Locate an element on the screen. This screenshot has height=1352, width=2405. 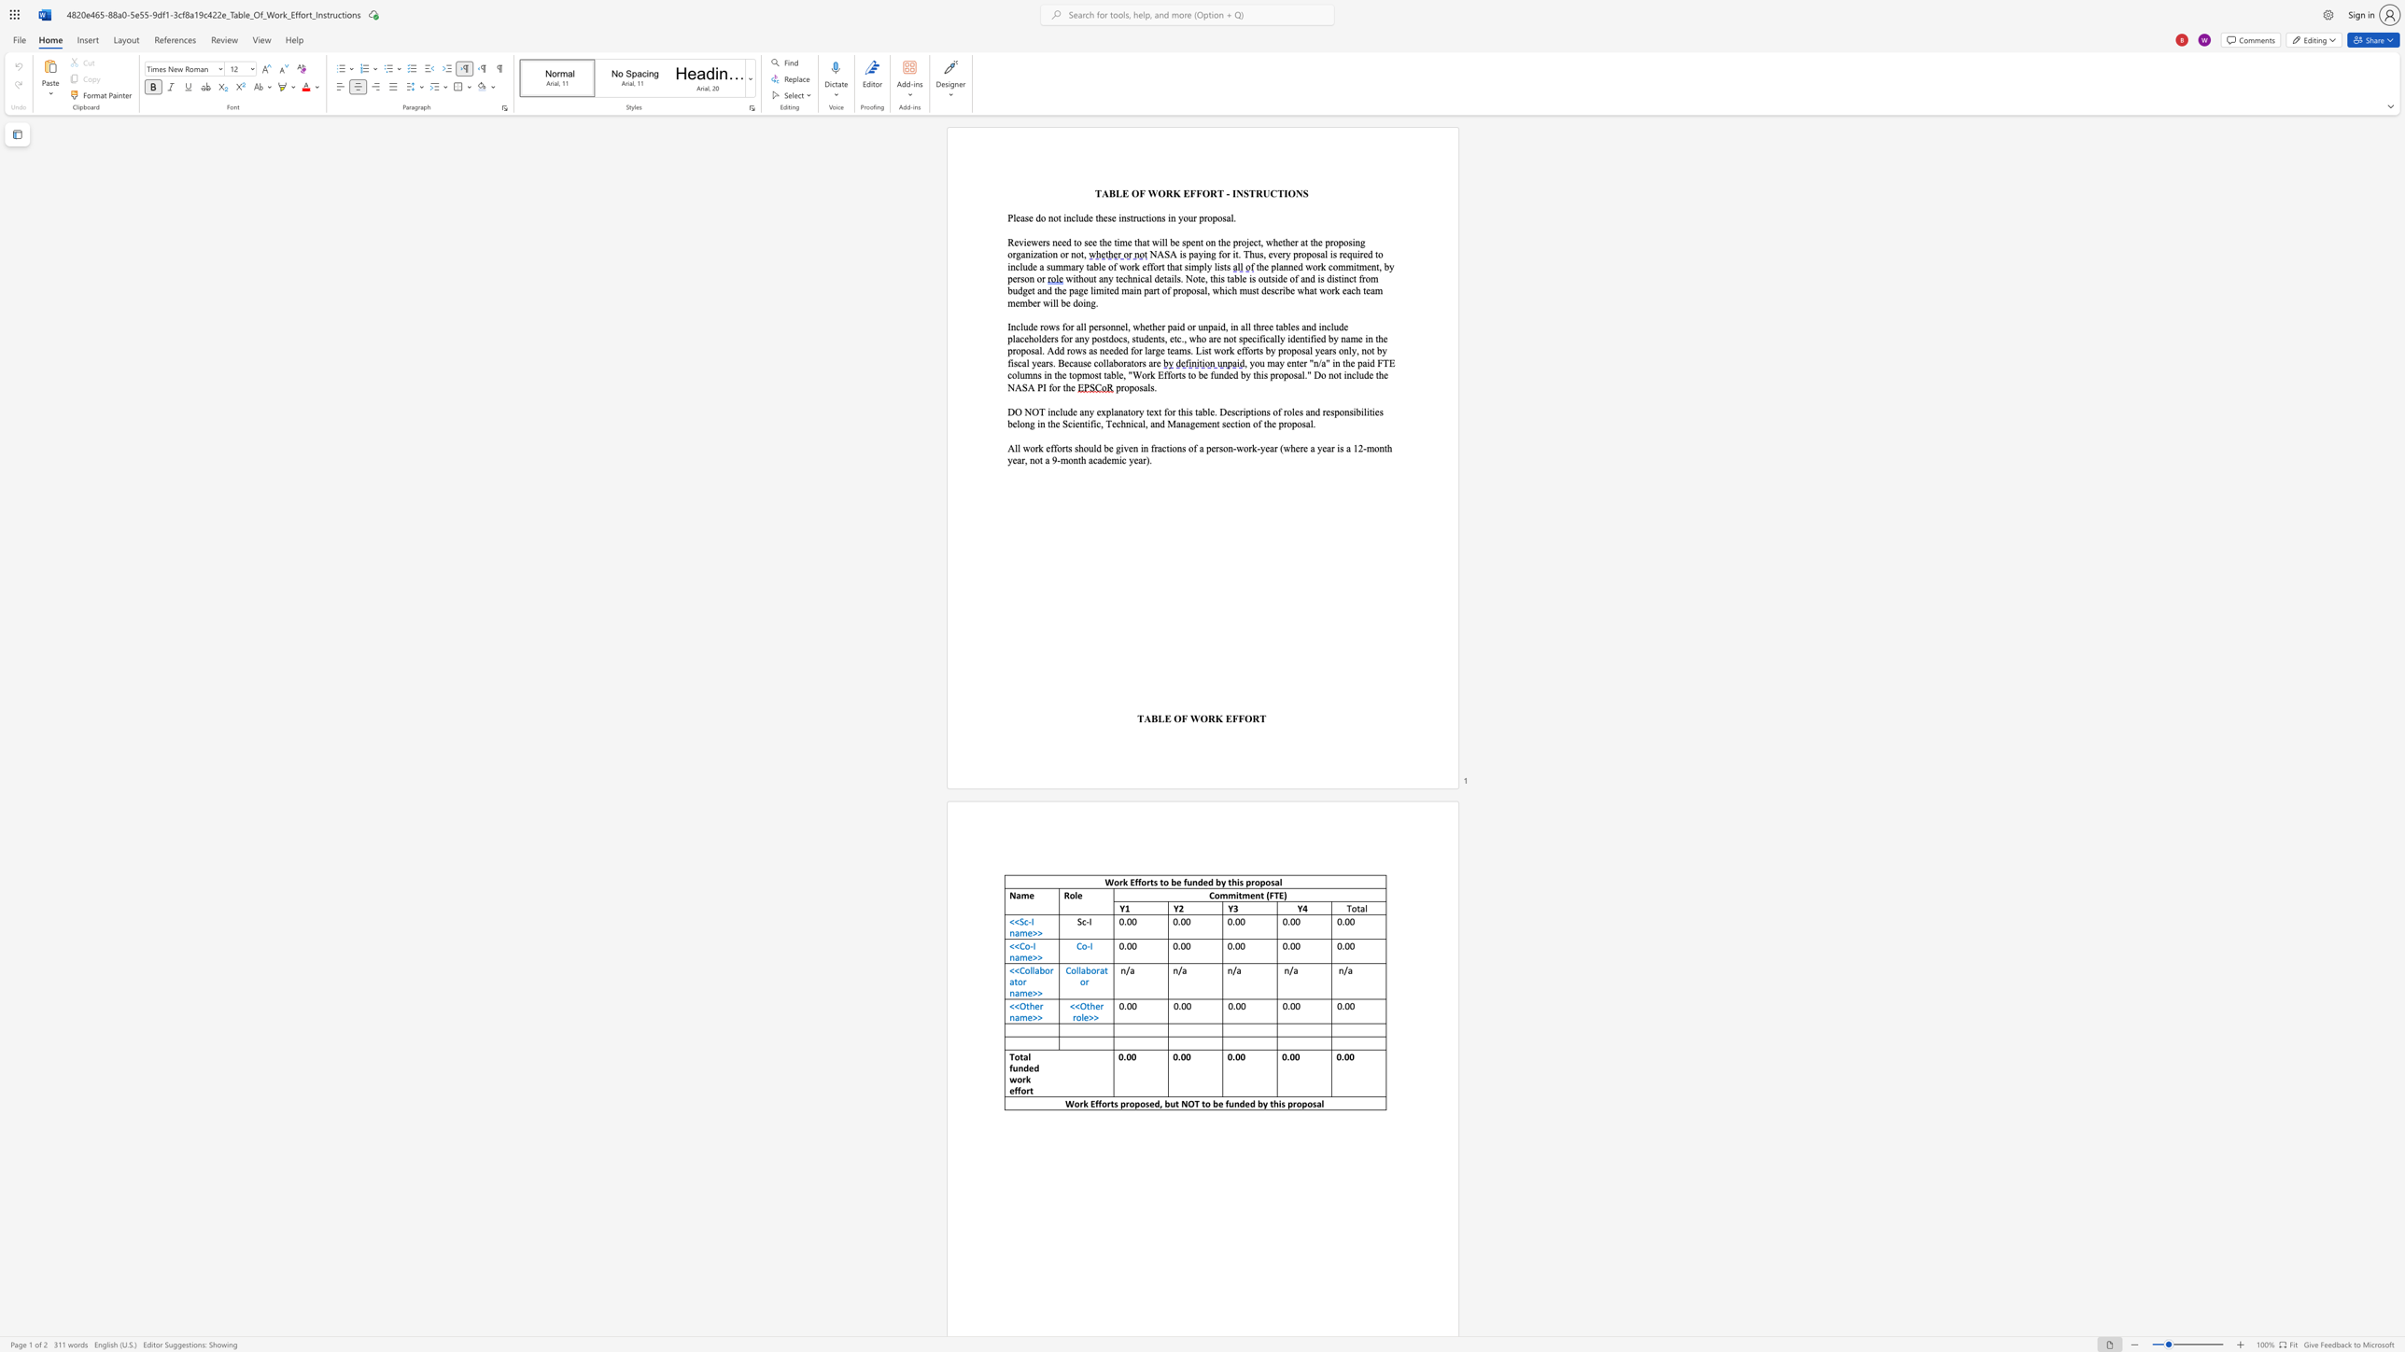
the subset text "-month academic ye" within the text "All work efforts should be given in fractions of a person-work-year (where a year is a 12-month year, not a 9-month academic year)." is located at coordinates (1057, 460).